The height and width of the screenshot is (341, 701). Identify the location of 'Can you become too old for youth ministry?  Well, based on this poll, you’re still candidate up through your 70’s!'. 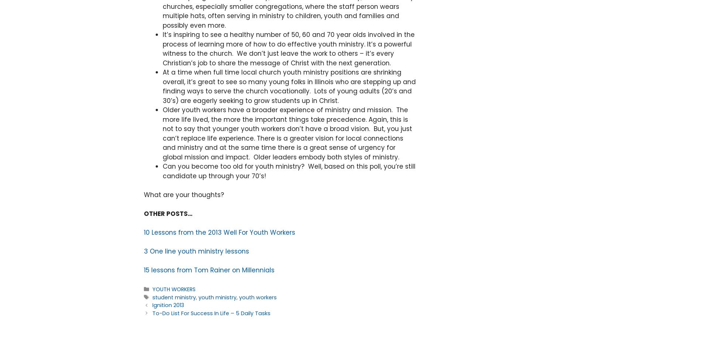
(162, 171).